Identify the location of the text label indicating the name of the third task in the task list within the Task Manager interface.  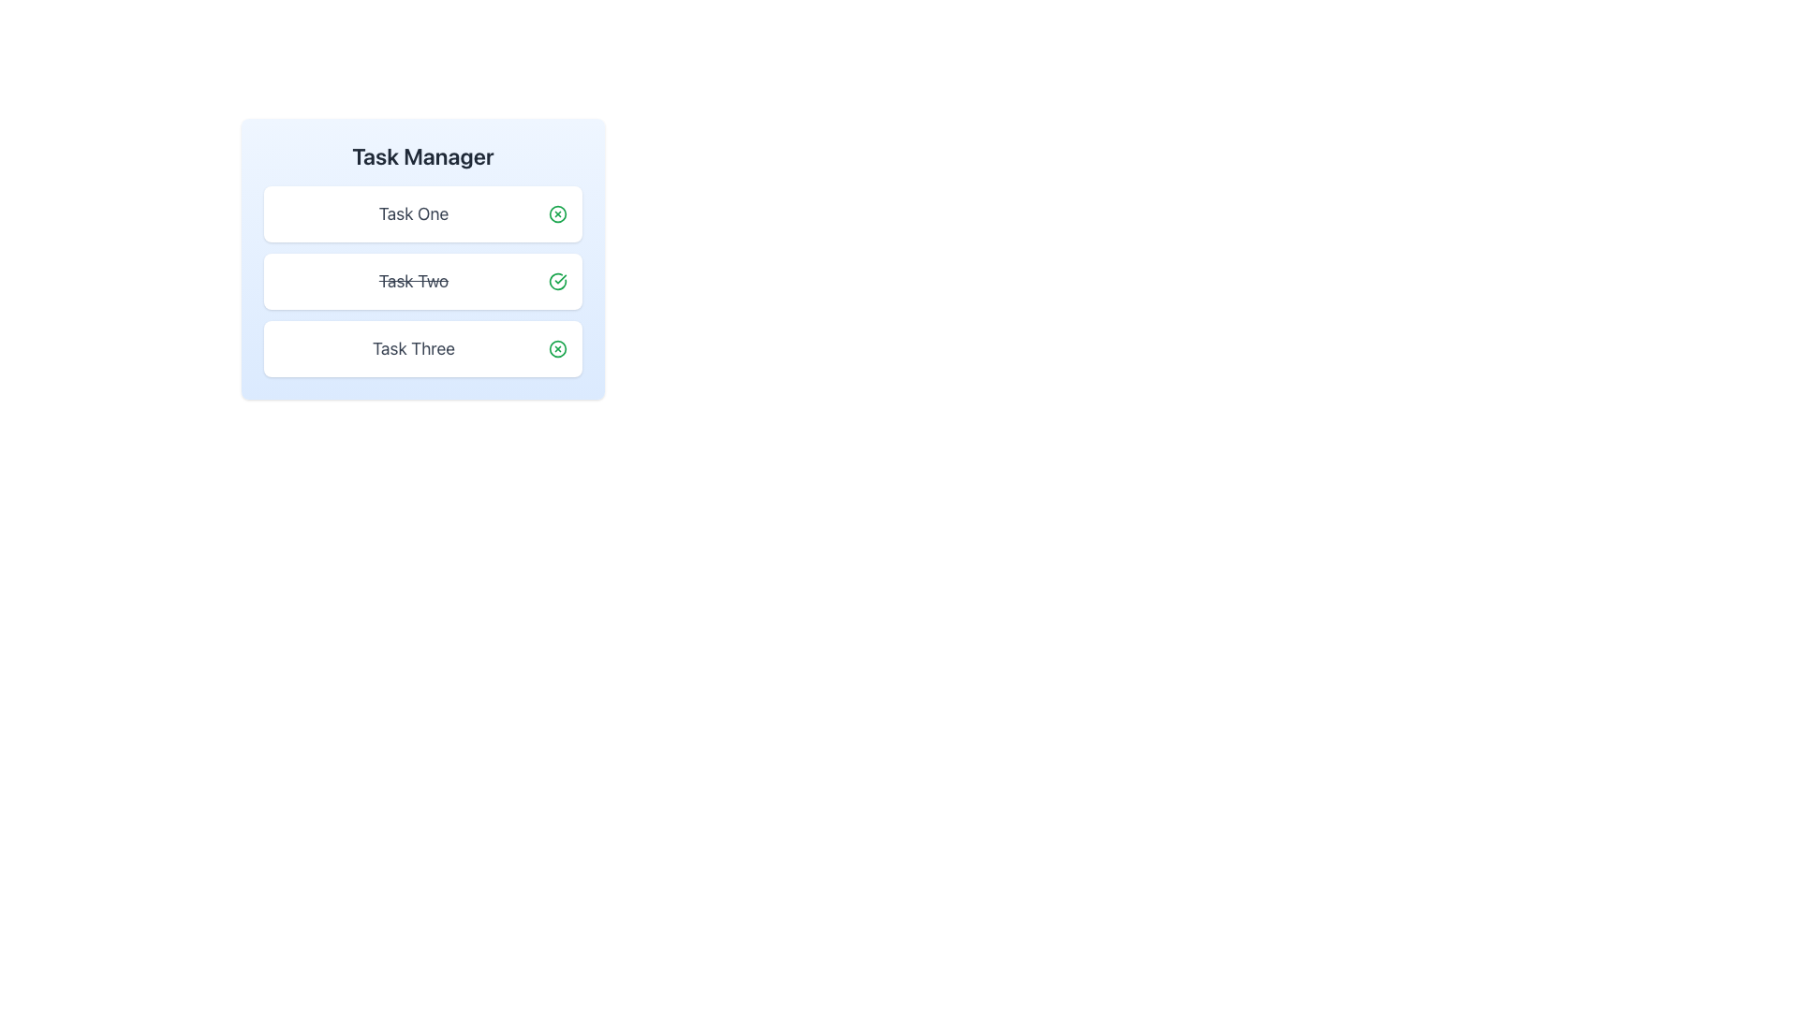
(412, 349).